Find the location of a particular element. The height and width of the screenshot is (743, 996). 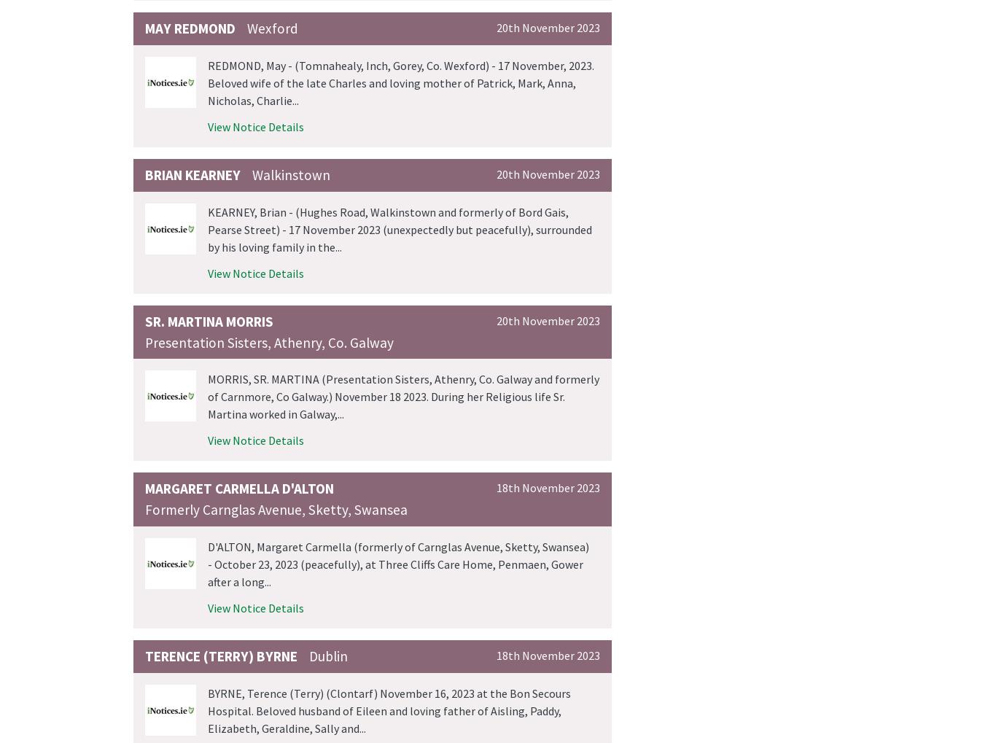

'D'ALTON, Margaret Carmella                     (formerly of Carnglas Avenue, Sketty, Swansea) - October 23, 2023 (peacefully), at Three Cliffs Care Home, Penmaen, Gower after a long...' is located at coordinates (398, 564).